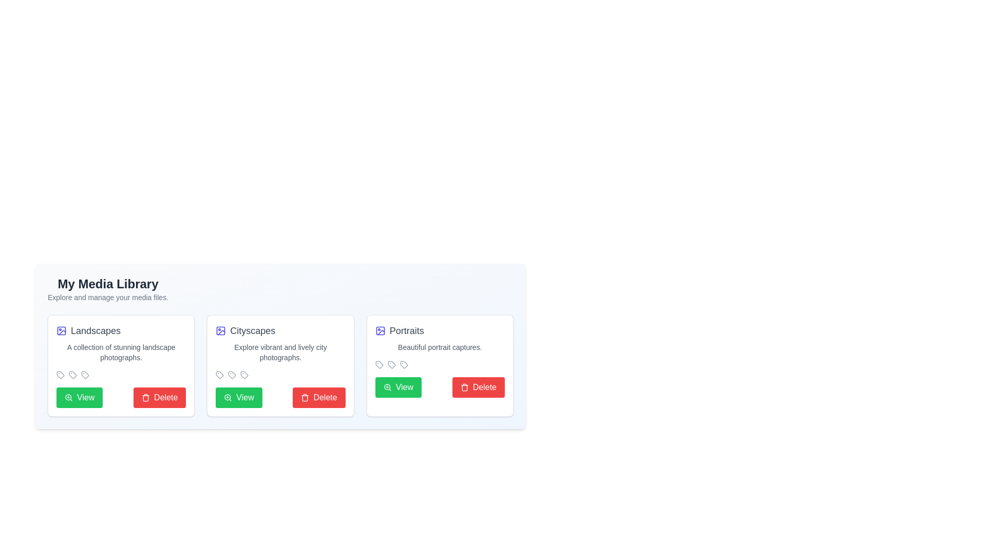 The width and height of the screenshot is (986, 555). Describe the element at coordinates (96, 331) in the screenshot. I see `the text label indicating landscapes, located at the top left section of the first card, next to the small image icon` at that location.